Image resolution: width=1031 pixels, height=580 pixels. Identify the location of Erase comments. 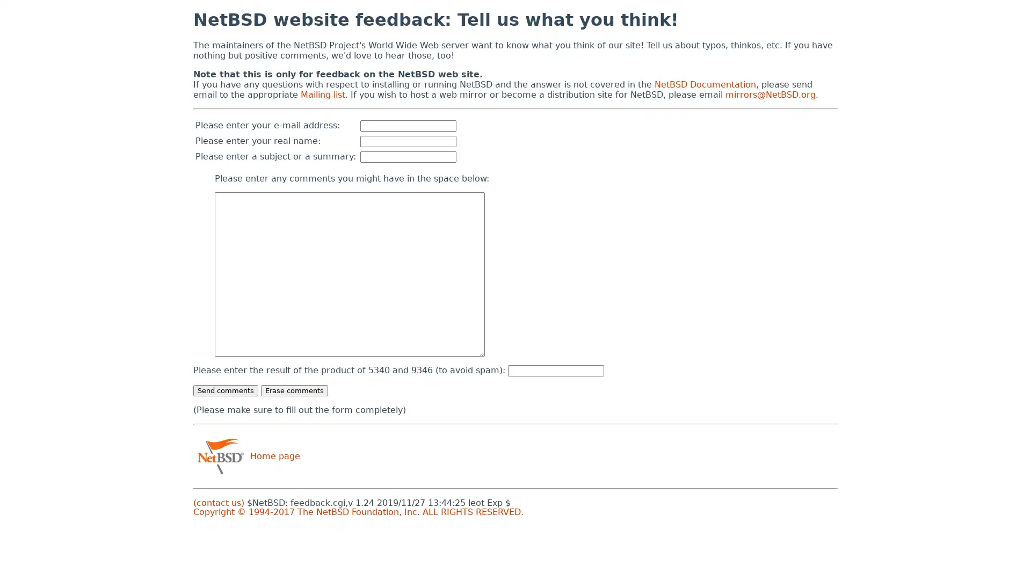
(294, 390).